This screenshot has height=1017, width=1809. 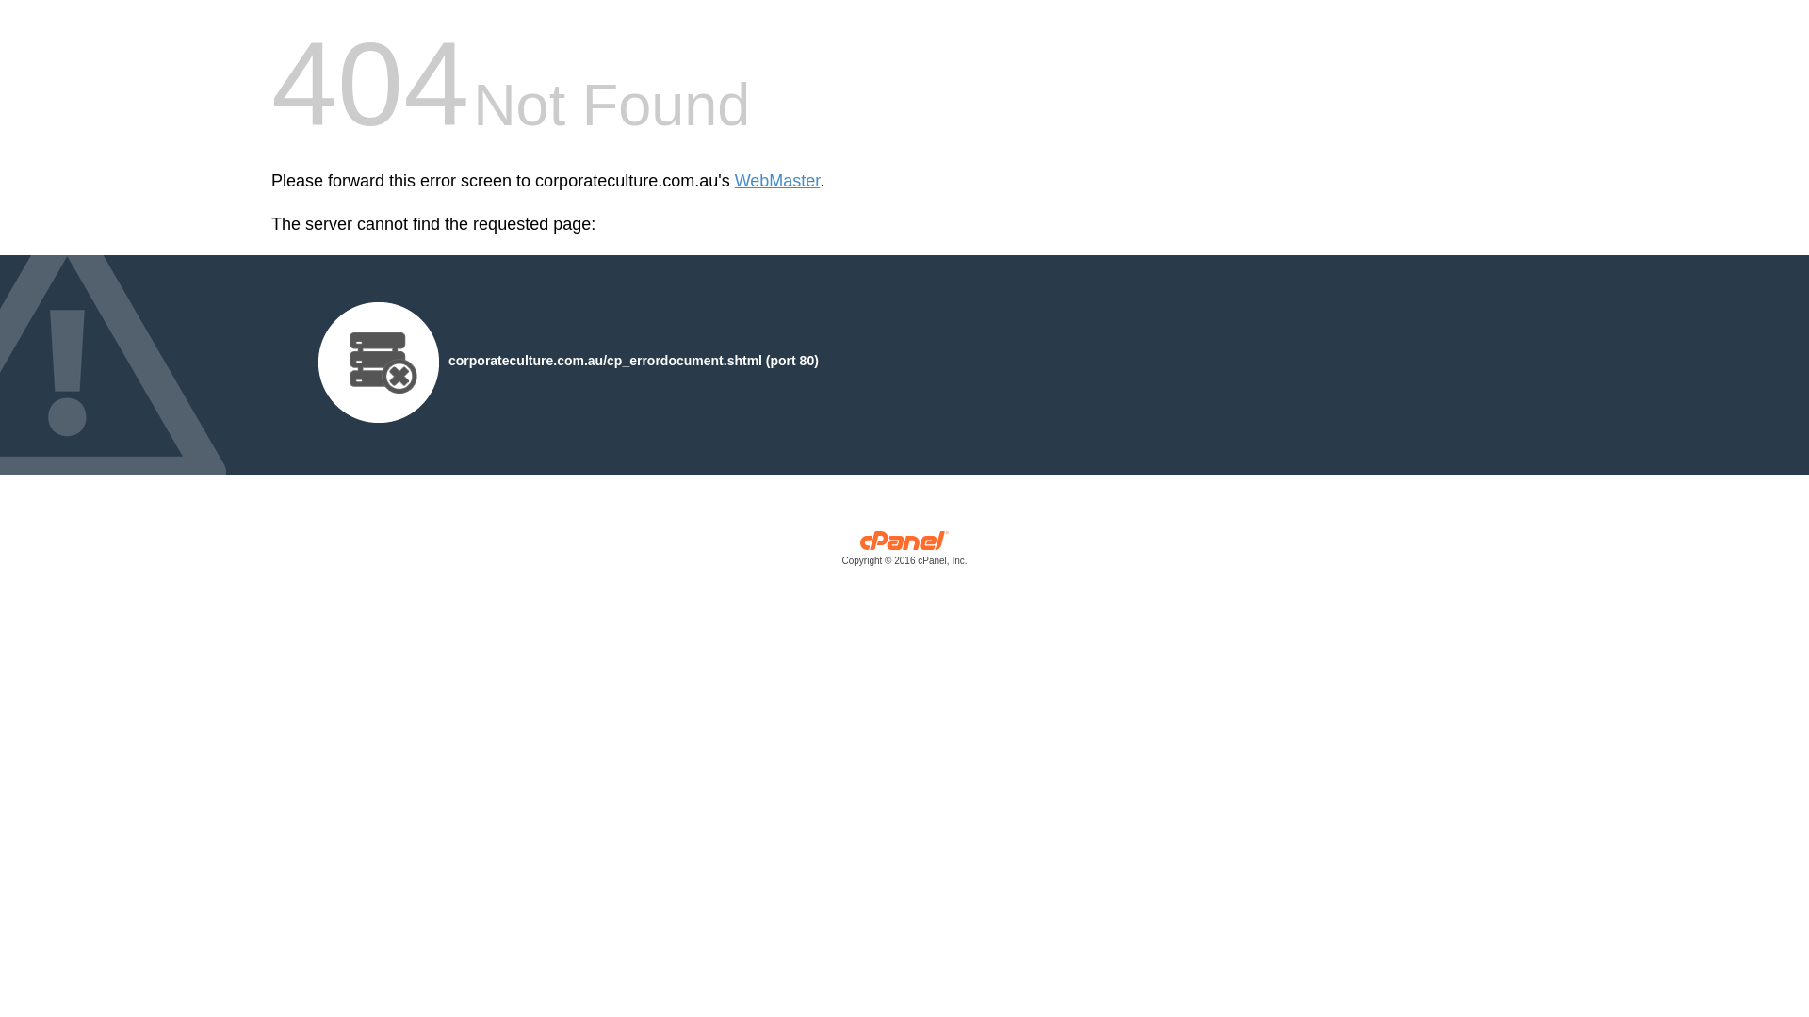 I want to click on 'WebMaster', so click(x=777, y=181).